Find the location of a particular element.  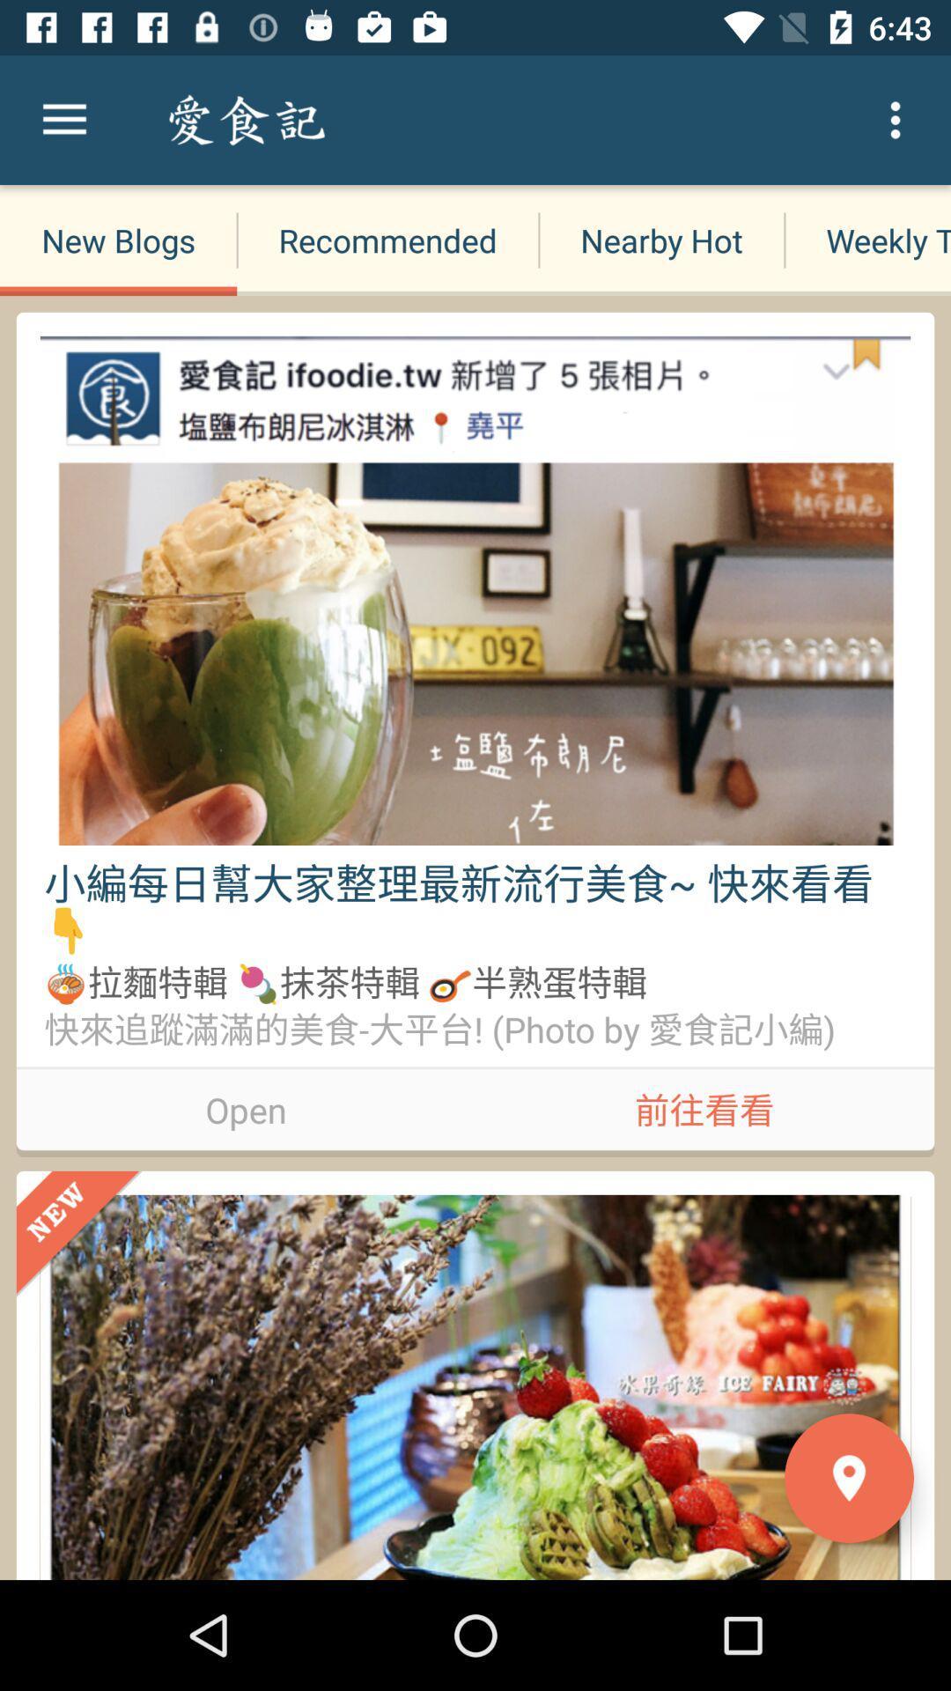

item next to the nearby hot item is located at coordinates (369, 119).